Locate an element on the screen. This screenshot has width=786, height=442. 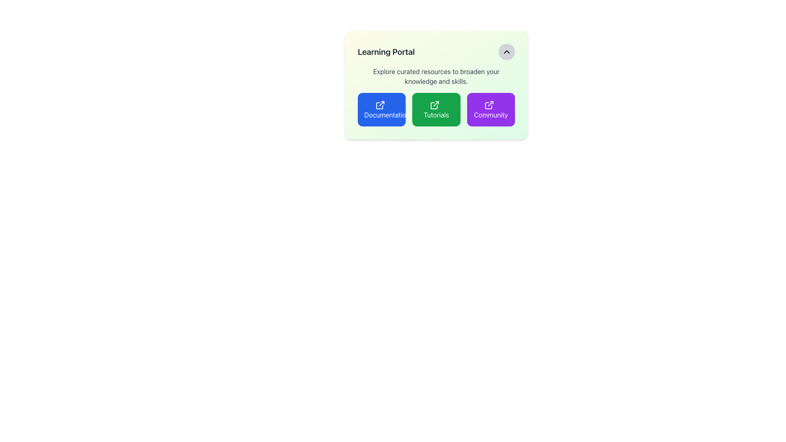
the visual alignment of the external link icon located to the left of the 'Documentation' text in the blue rectangular button to understand its link functionality is located at coordinates (379, 104).